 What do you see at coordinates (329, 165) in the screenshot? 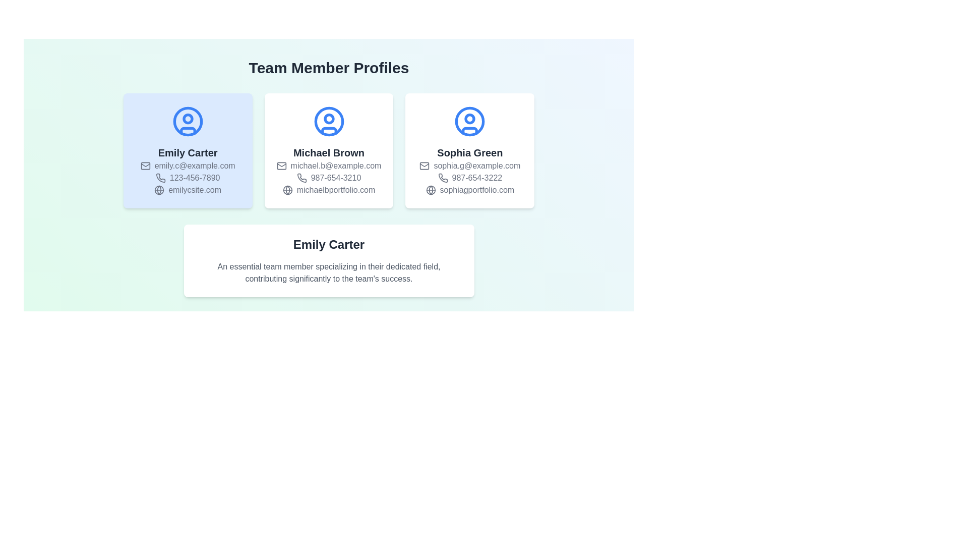
I see `the text indicating the email address of Michael Brown, which is located below his name and above his phone number` at bounding box center [329, 165].